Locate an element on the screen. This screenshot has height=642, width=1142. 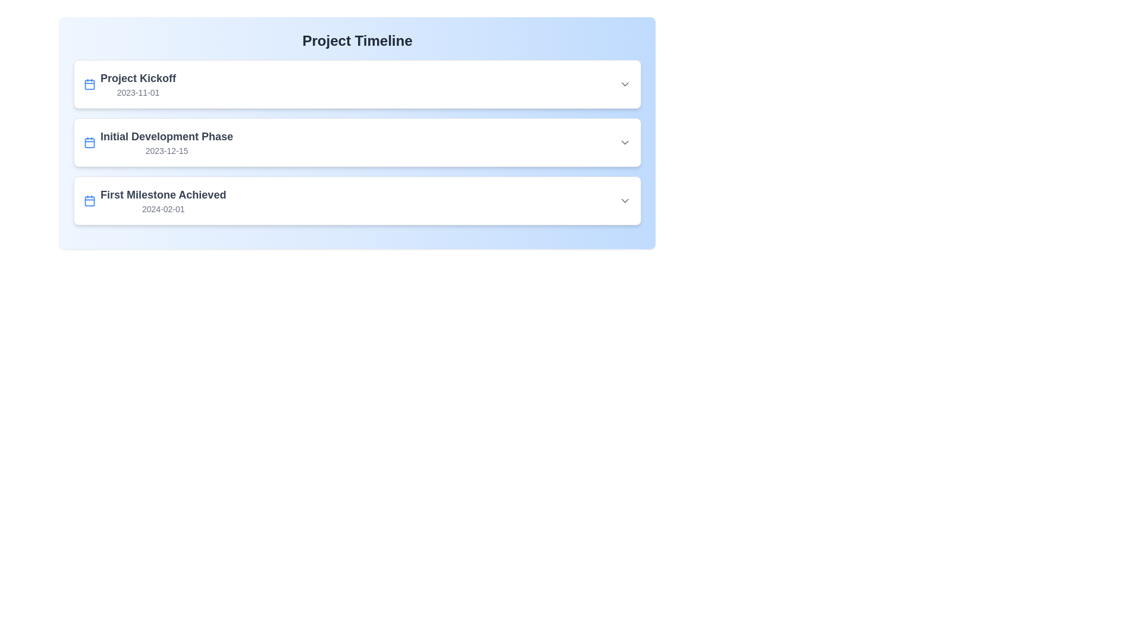
'Project Kickoff' text label, which displays milestone details in a bold font, located under the 'Project Timeline' section is located at coordinates (138, 84).